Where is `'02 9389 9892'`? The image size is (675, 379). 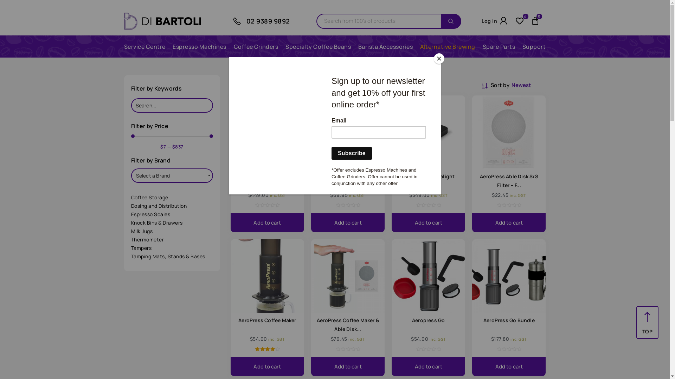 '02 9389 9892' is located at coordinates (268, 21).